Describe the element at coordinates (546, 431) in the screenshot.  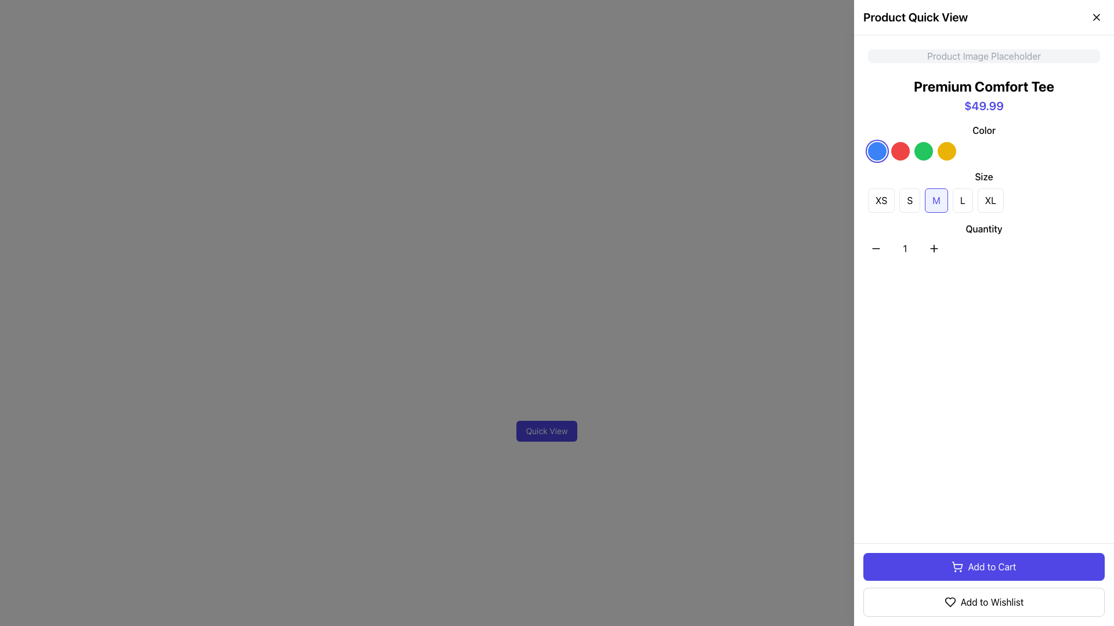
I see `the button located in the center-bottom part of the interface` at that location.